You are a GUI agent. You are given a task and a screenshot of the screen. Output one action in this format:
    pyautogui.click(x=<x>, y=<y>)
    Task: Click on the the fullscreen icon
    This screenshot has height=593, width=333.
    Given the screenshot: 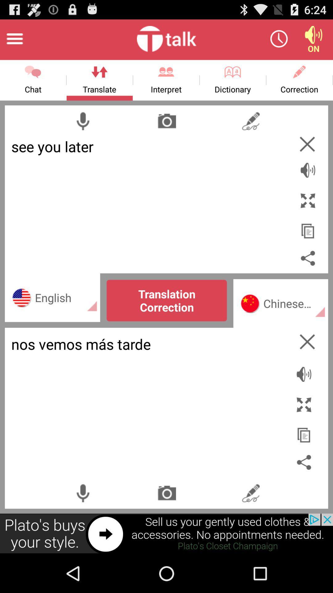 What is the action you would take?
    pyautogui.click(x=305, y=429)
    